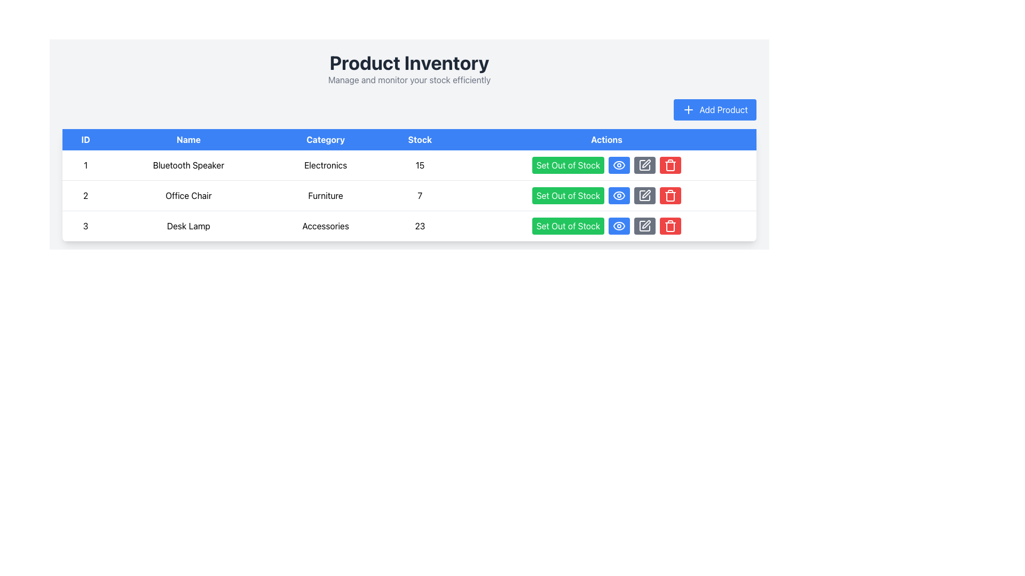  What do you see at coordinates (619, 226) in the screenshot?
I see `the blue button with an eye icon in the 'Actions' column of the third row for the 'Desk Lamp' item` at bounding box center [619, 226].